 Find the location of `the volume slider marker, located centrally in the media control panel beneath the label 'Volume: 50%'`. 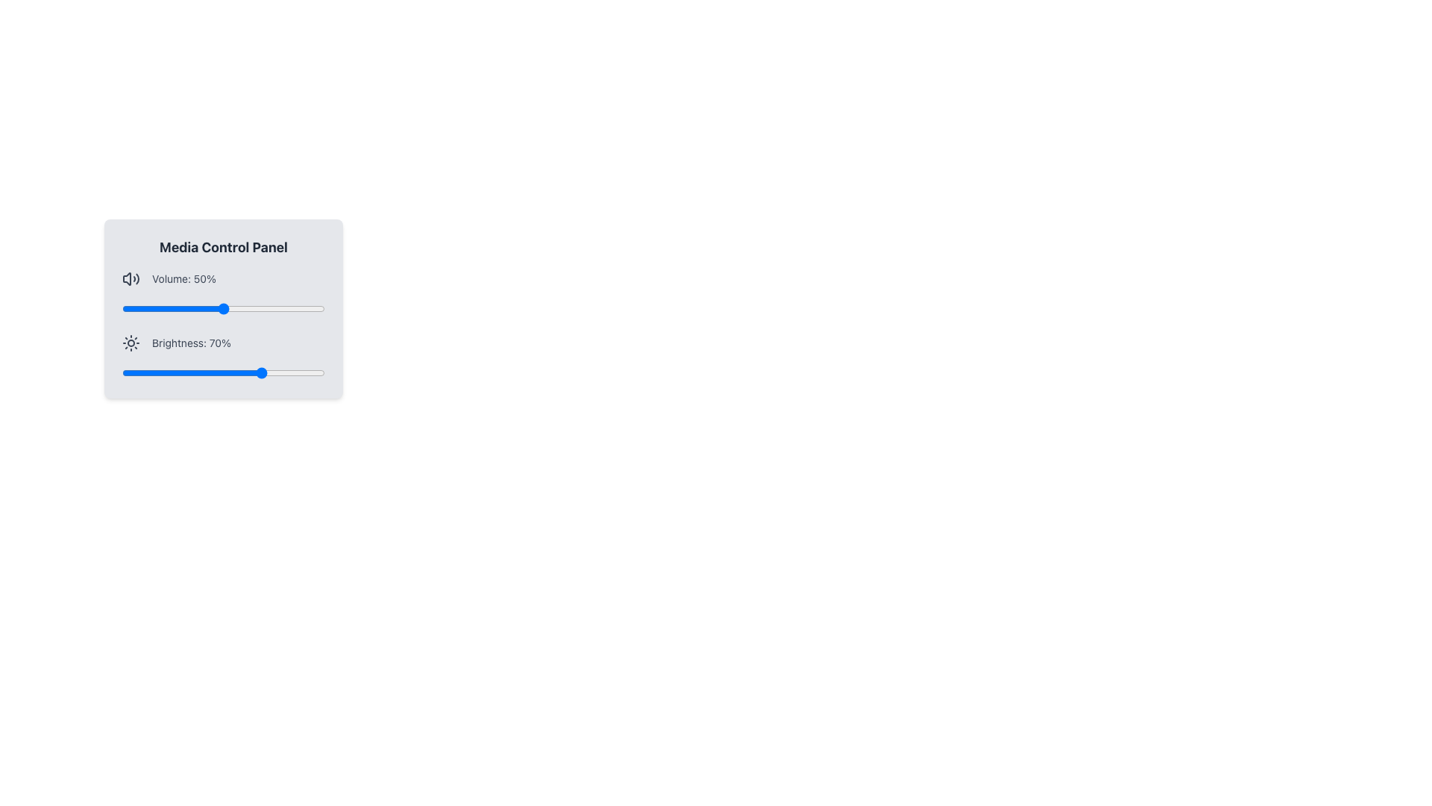

the volume slider marker, located centrally in the media control panel beneath the label 'Volume: 50%' is located at coordinates (222, 307).